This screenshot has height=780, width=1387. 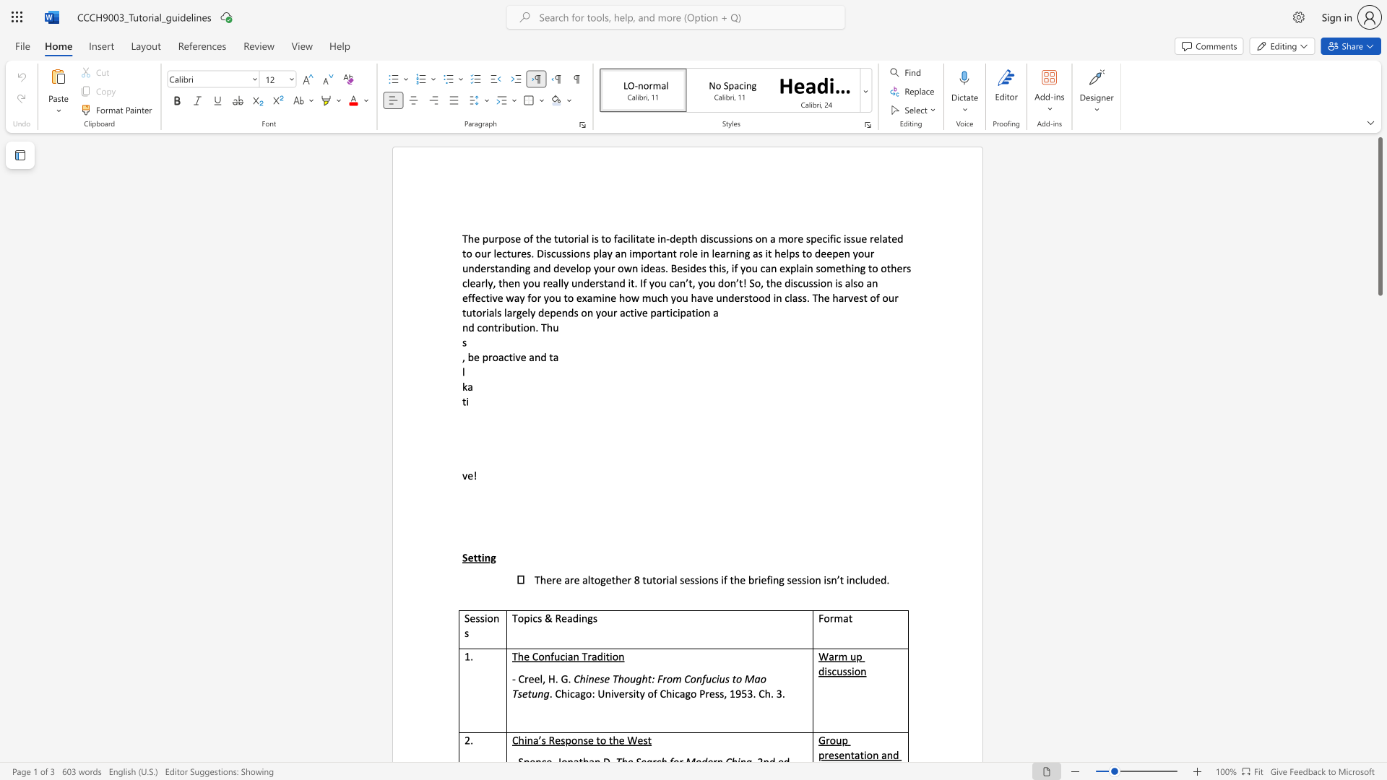 What do you see at coordinates (1379, 469) in the screenshot?
I see `the scrollbar on the right to move the page downward` at bounding box center [1379, 469].